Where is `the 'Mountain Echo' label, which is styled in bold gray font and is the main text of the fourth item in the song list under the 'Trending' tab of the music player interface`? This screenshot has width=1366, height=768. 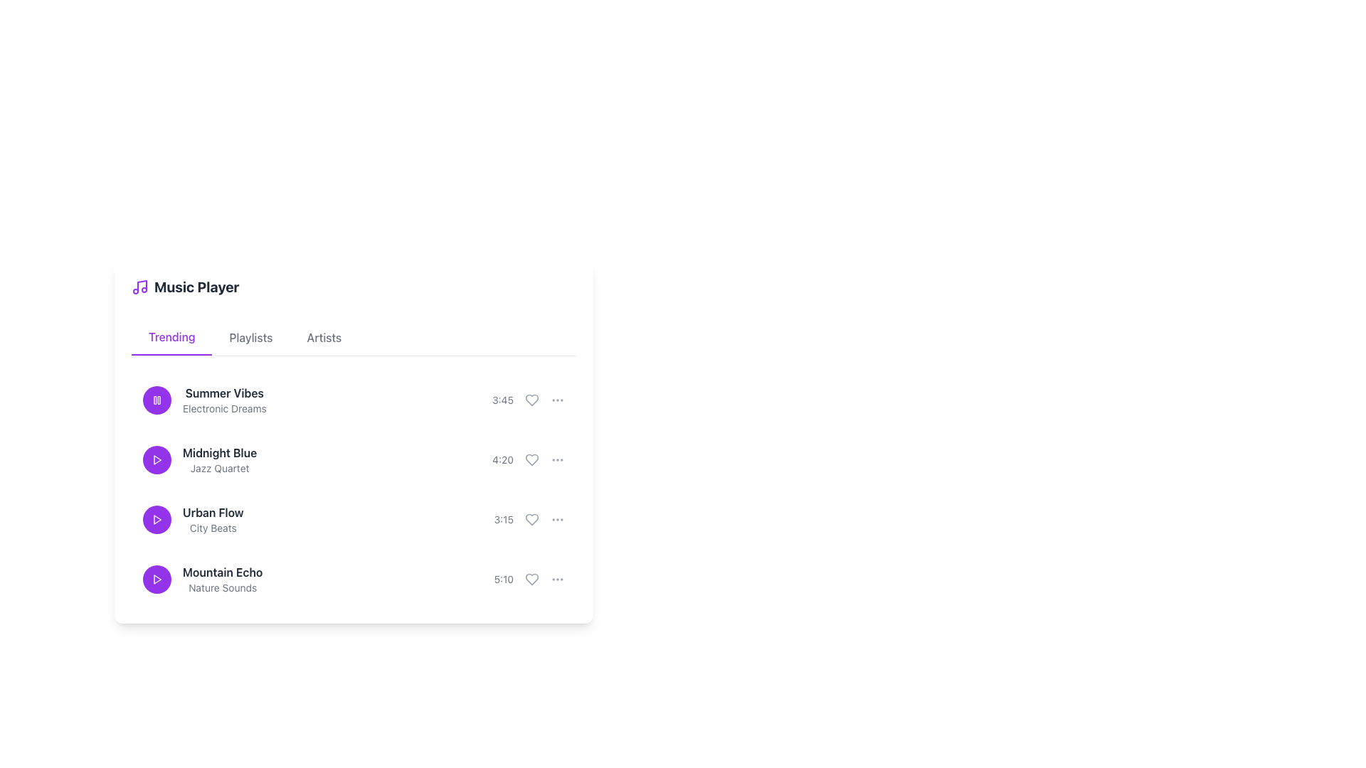 the 'Mountain Echo' label, which is styled in bold gray font and is the main text of the fourth item in the song list under the 'Trending' tab of the music player interface is located at coordinates (222, 572).